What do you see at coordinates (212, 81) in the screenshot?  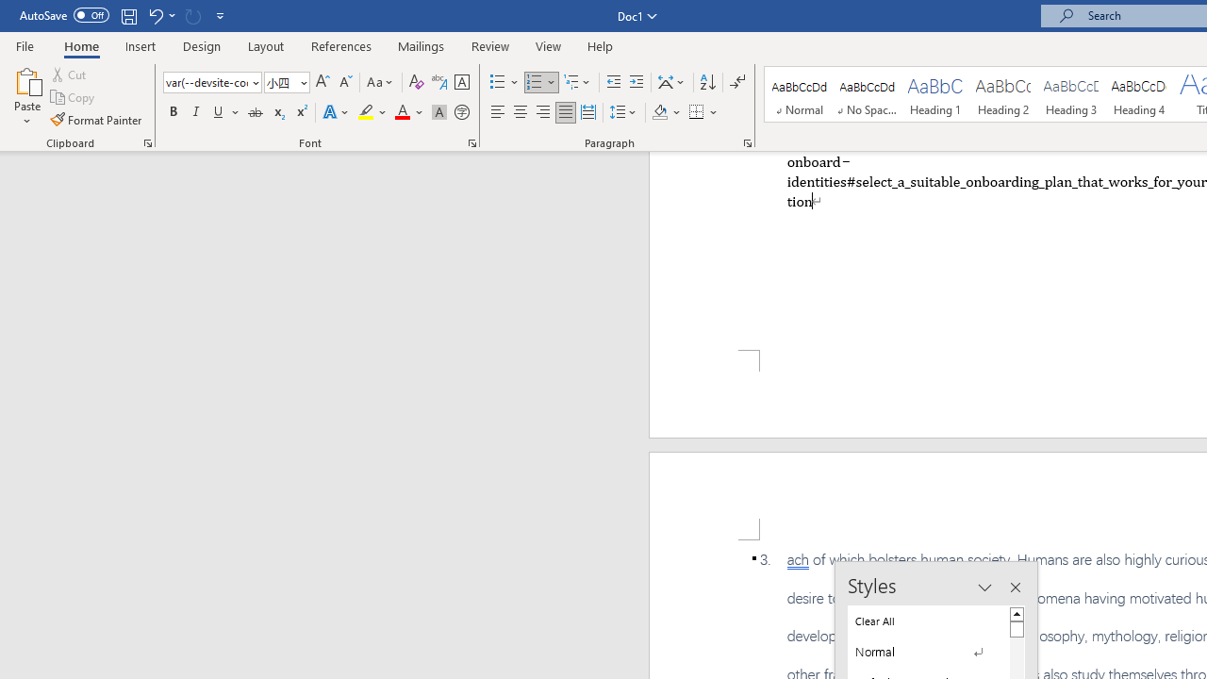 I see `'Font'` at bounding box center [212, 81].